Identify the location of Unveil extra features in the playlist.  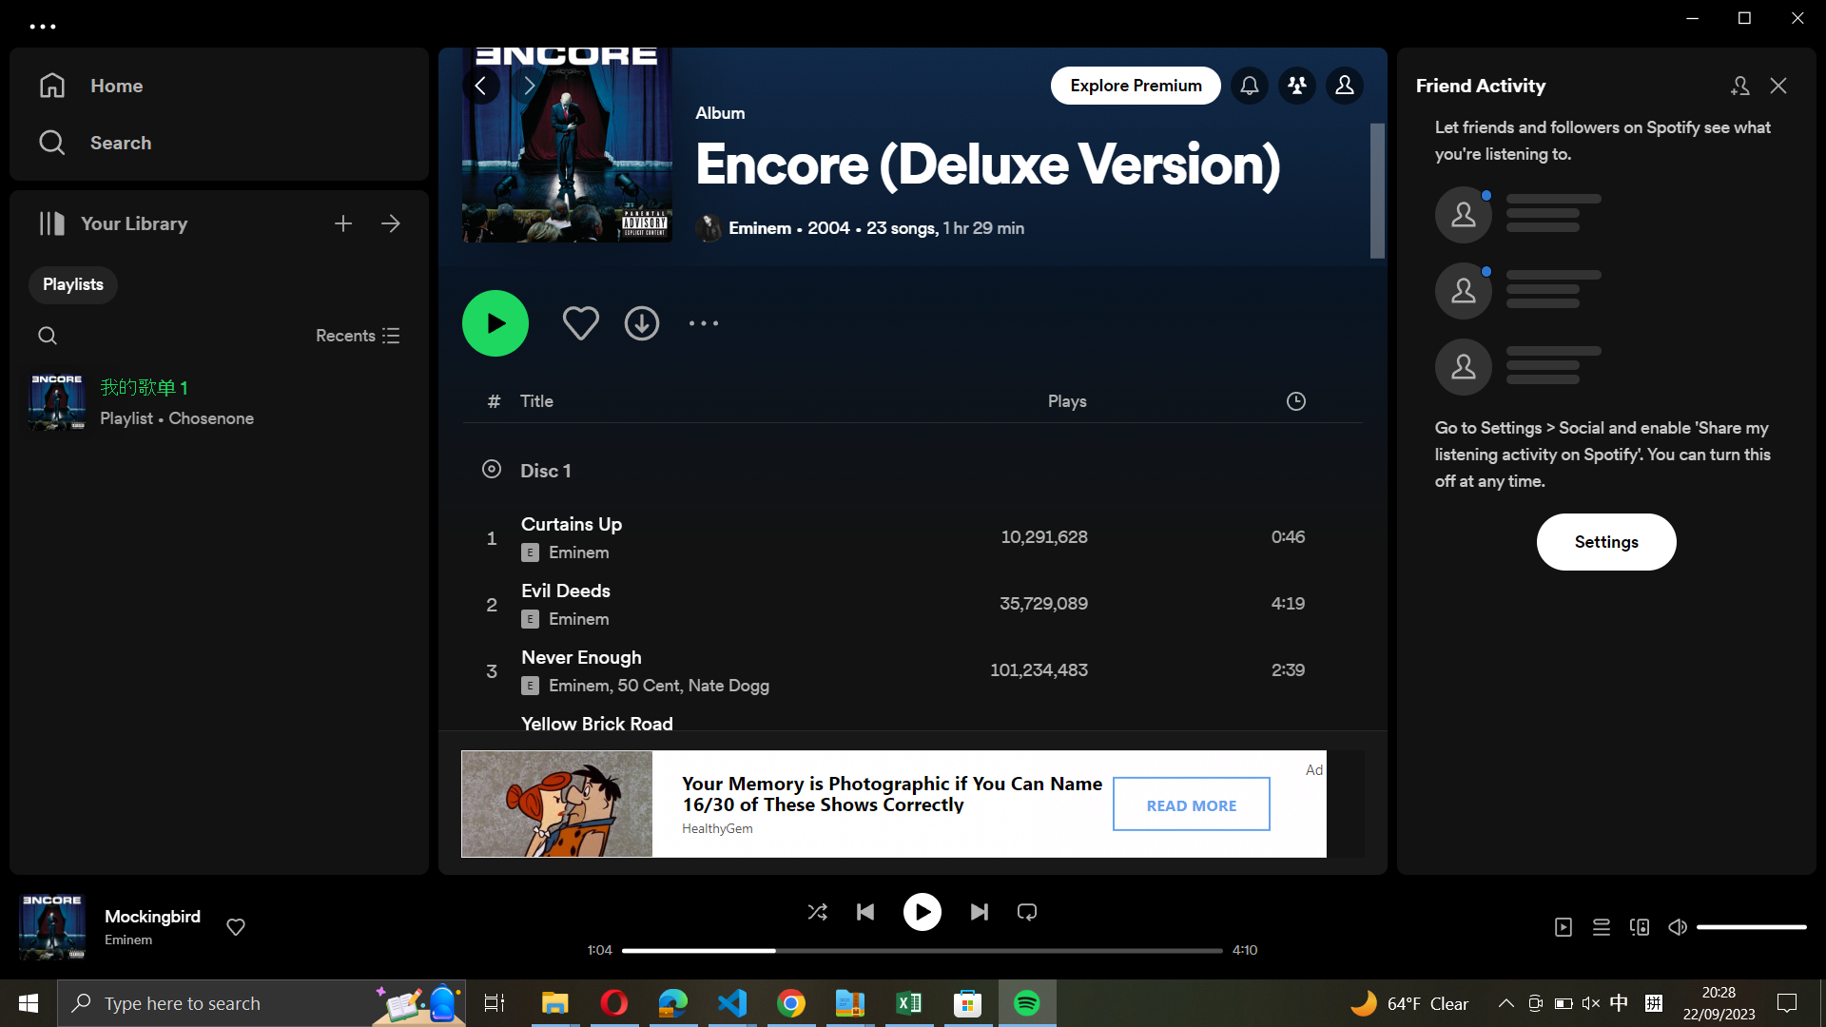
(702, 320).